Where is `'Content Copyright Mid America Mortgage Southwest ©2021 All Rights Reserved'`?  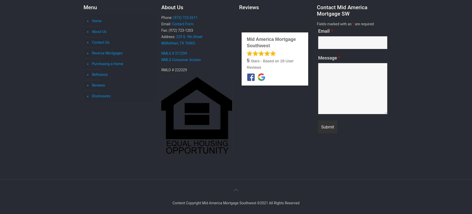
'Content Copyright Mid America Mortgage Southwest ©2021 All Rights Reserved' is located at coordinates (236, 203).